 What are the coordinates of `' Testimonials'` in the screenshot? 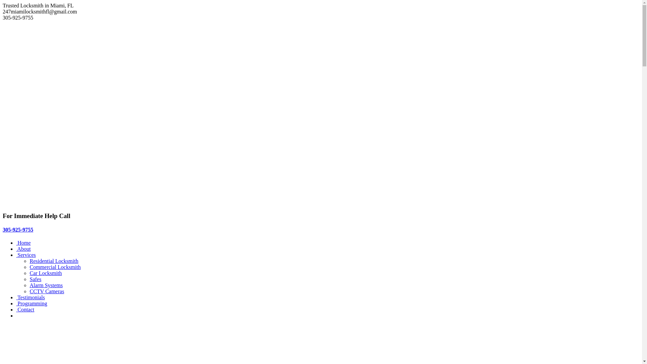 It's located at (30, 297).